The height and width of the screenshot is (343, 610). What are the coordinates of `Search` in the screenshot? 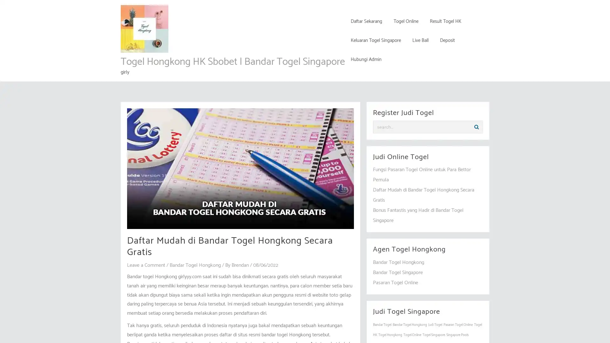 It's located at (476, 127).